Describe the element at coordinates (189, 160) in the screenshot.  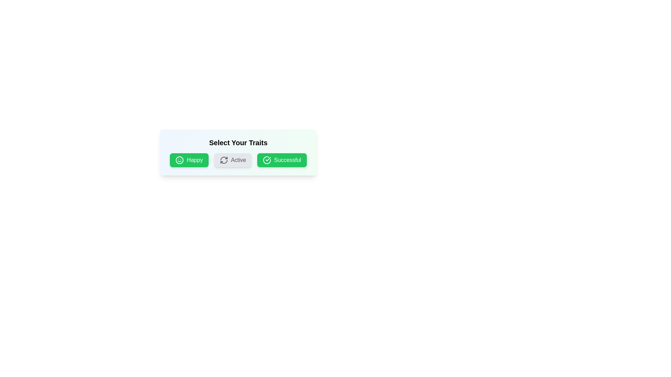
I see `the tag labeled Happy` at that location.